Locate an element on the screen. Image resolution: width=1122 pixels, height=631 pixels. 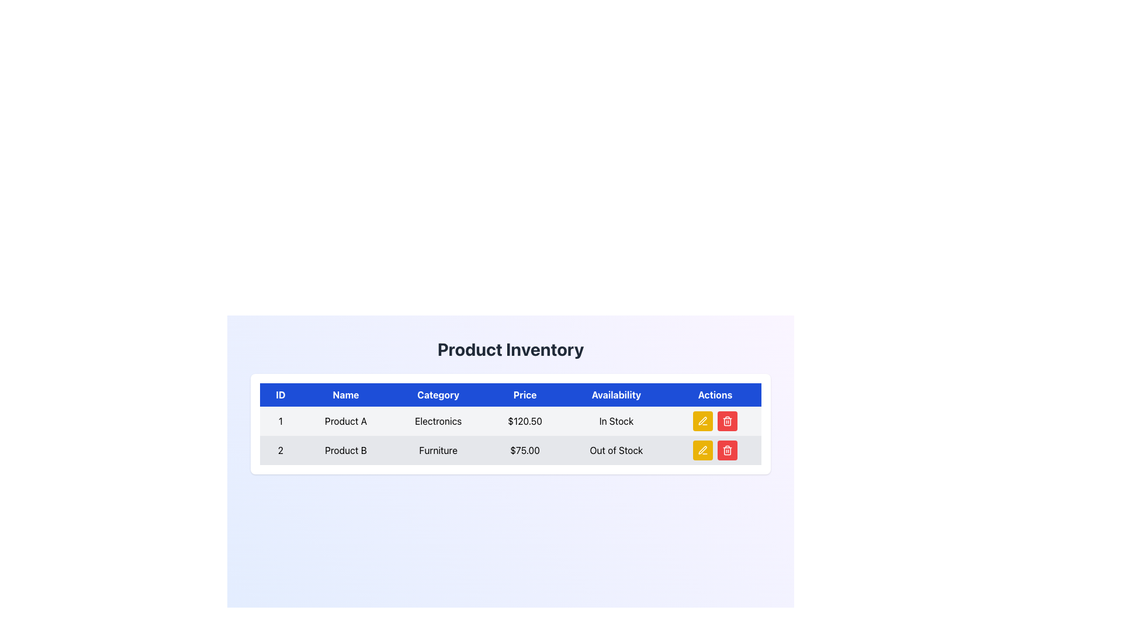
the trash can icon located in the 'Actions' column of the second row of the table is located at coordinates (726, 450).